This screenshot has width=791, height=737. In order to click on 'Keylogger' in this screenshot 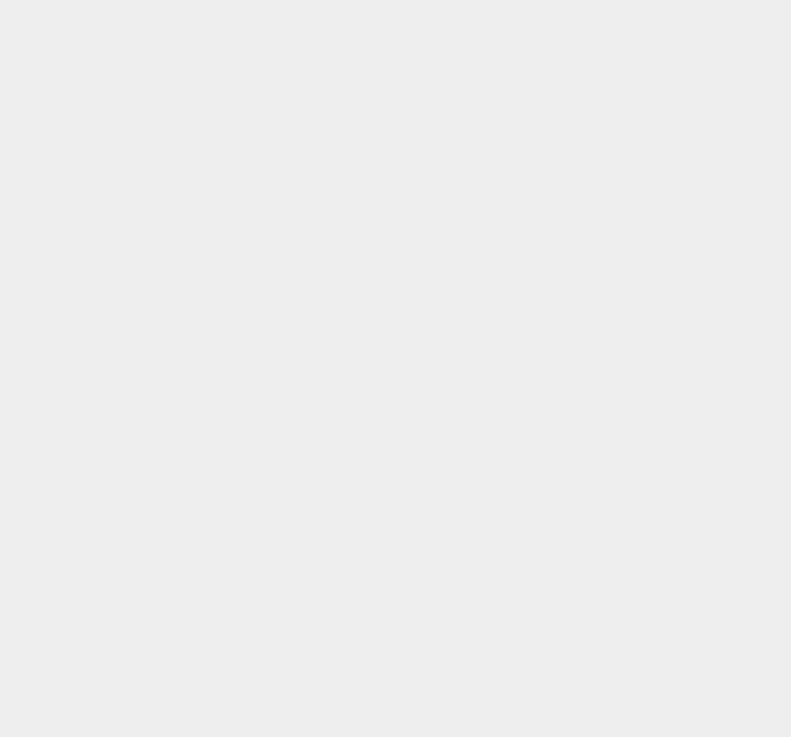, I will do `click(579, 52)`.